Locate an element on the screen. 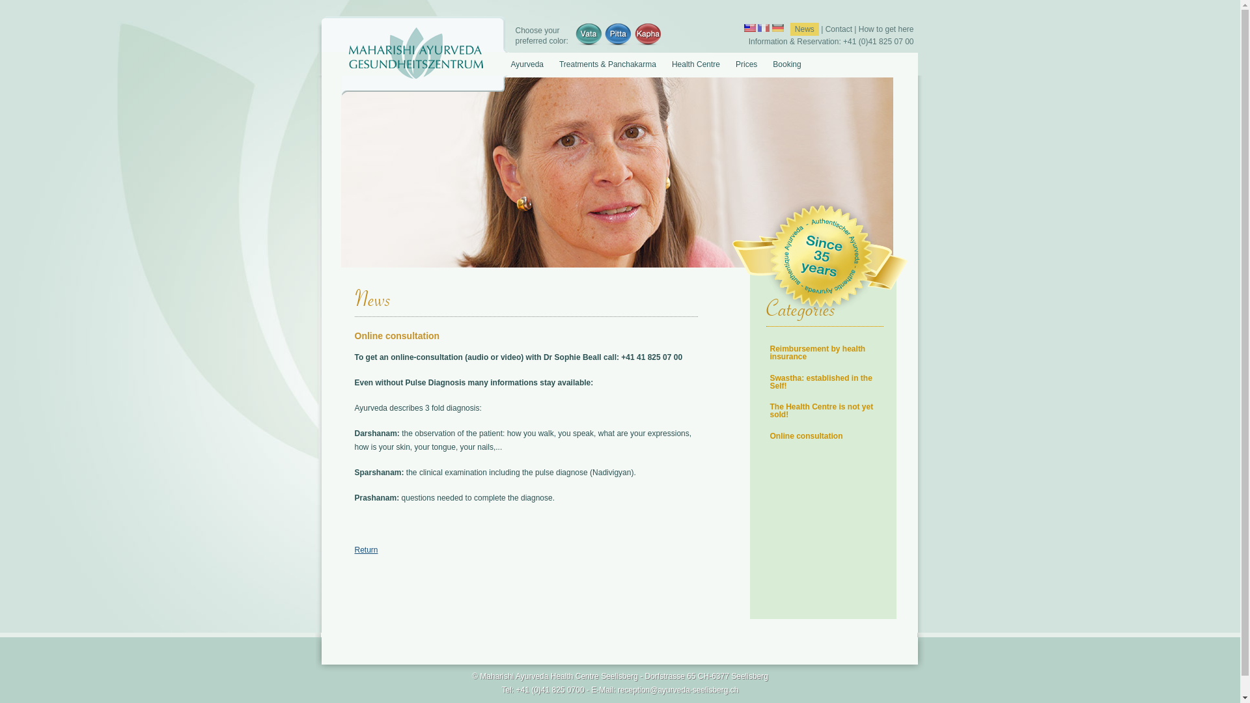  'News' is located at coordinates (804, 29).